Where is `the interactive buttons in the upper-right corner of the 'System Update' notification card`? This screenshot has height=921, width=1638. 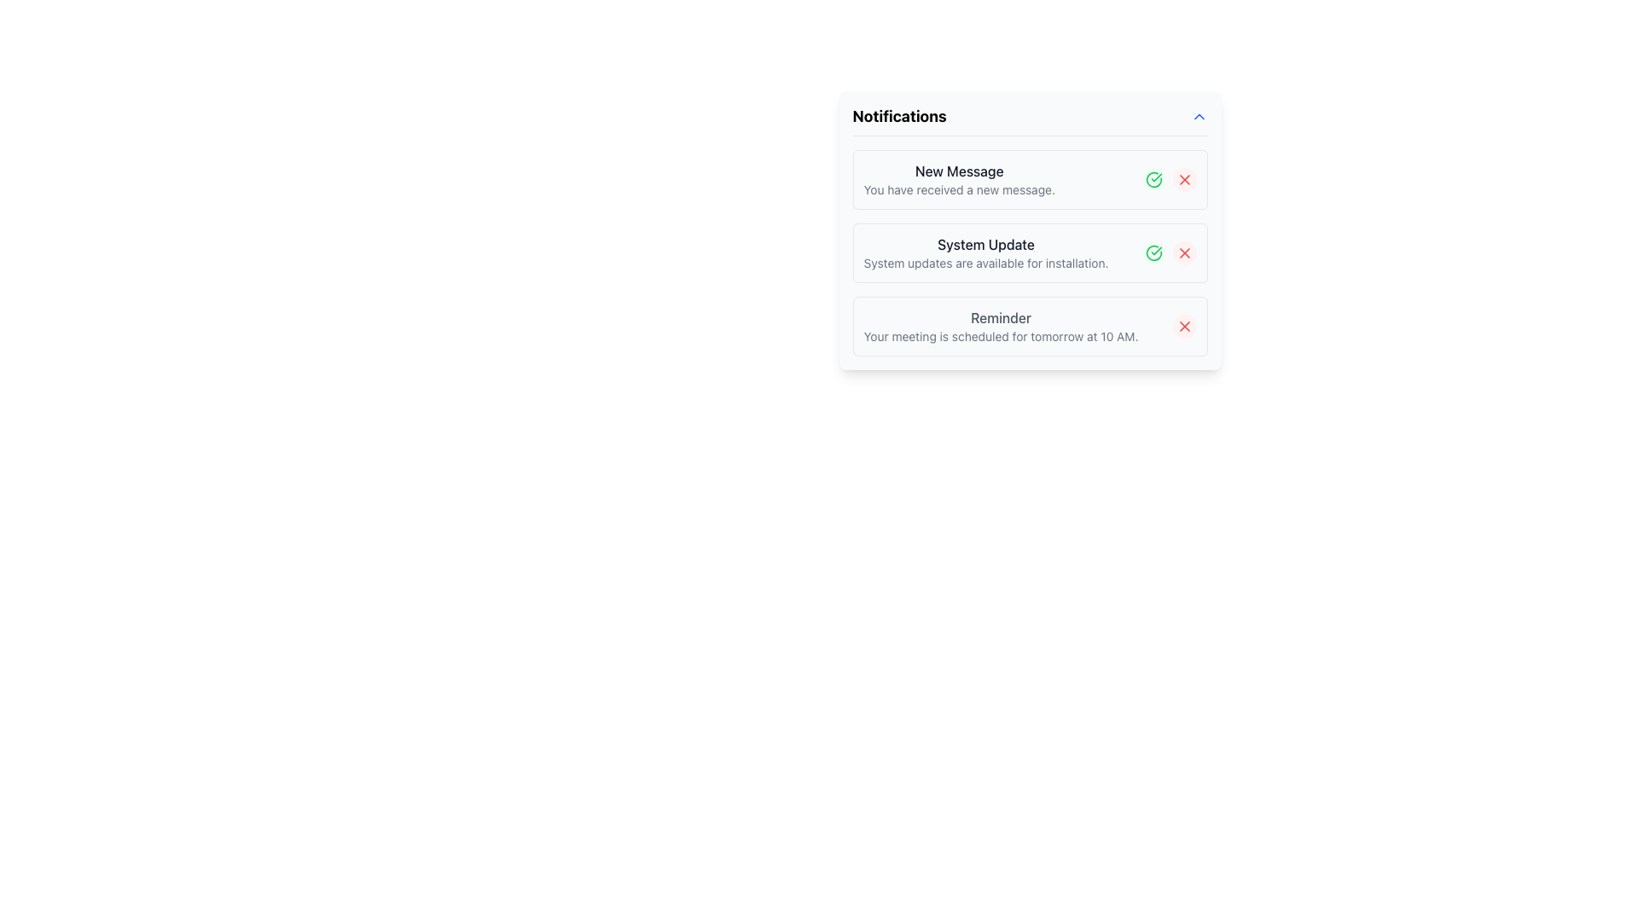 the interactive buttons in the upper-right corner of the 'System Update' notification card is located at coordinates (1168, 253).